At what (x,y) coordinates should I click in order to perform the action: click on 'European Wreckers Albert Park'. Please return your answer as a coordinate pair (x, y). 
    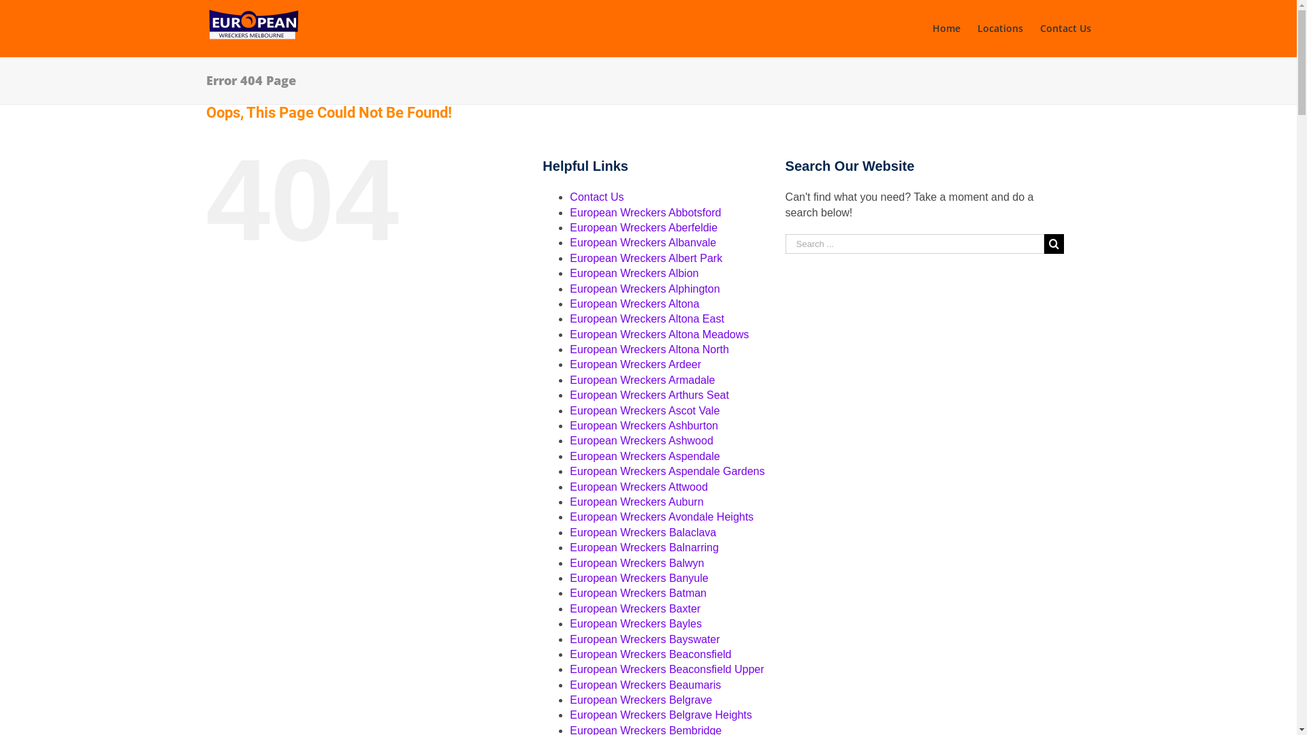
    Looking at the image, I should click on (645, 258).